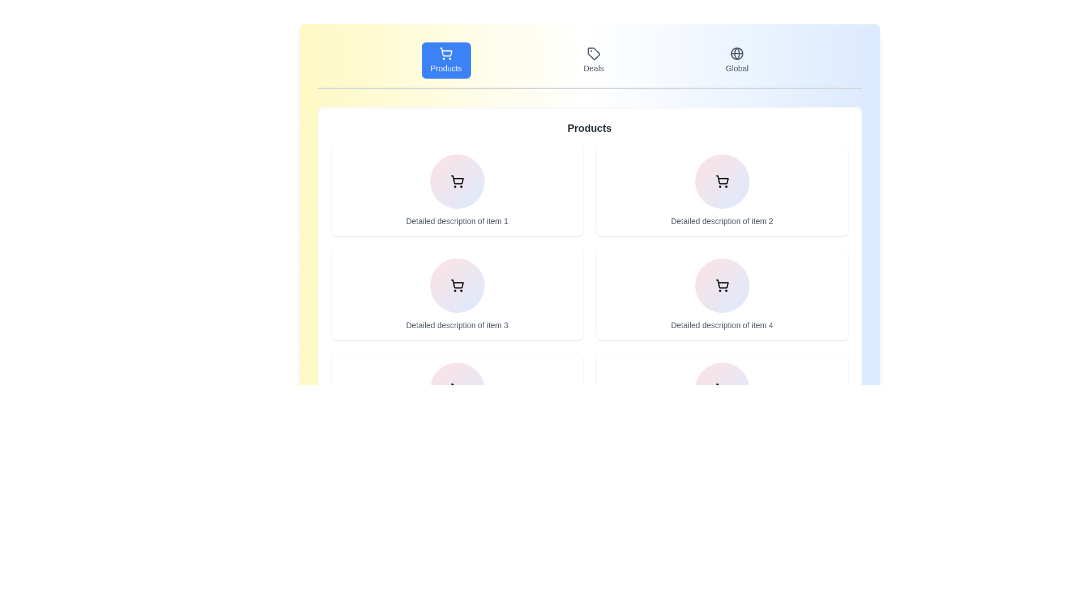  Describe the element at coordinates (721, 190) in the screenshot. I see `the item with the description 'Detailed description of item 2' to view its details` at that location.